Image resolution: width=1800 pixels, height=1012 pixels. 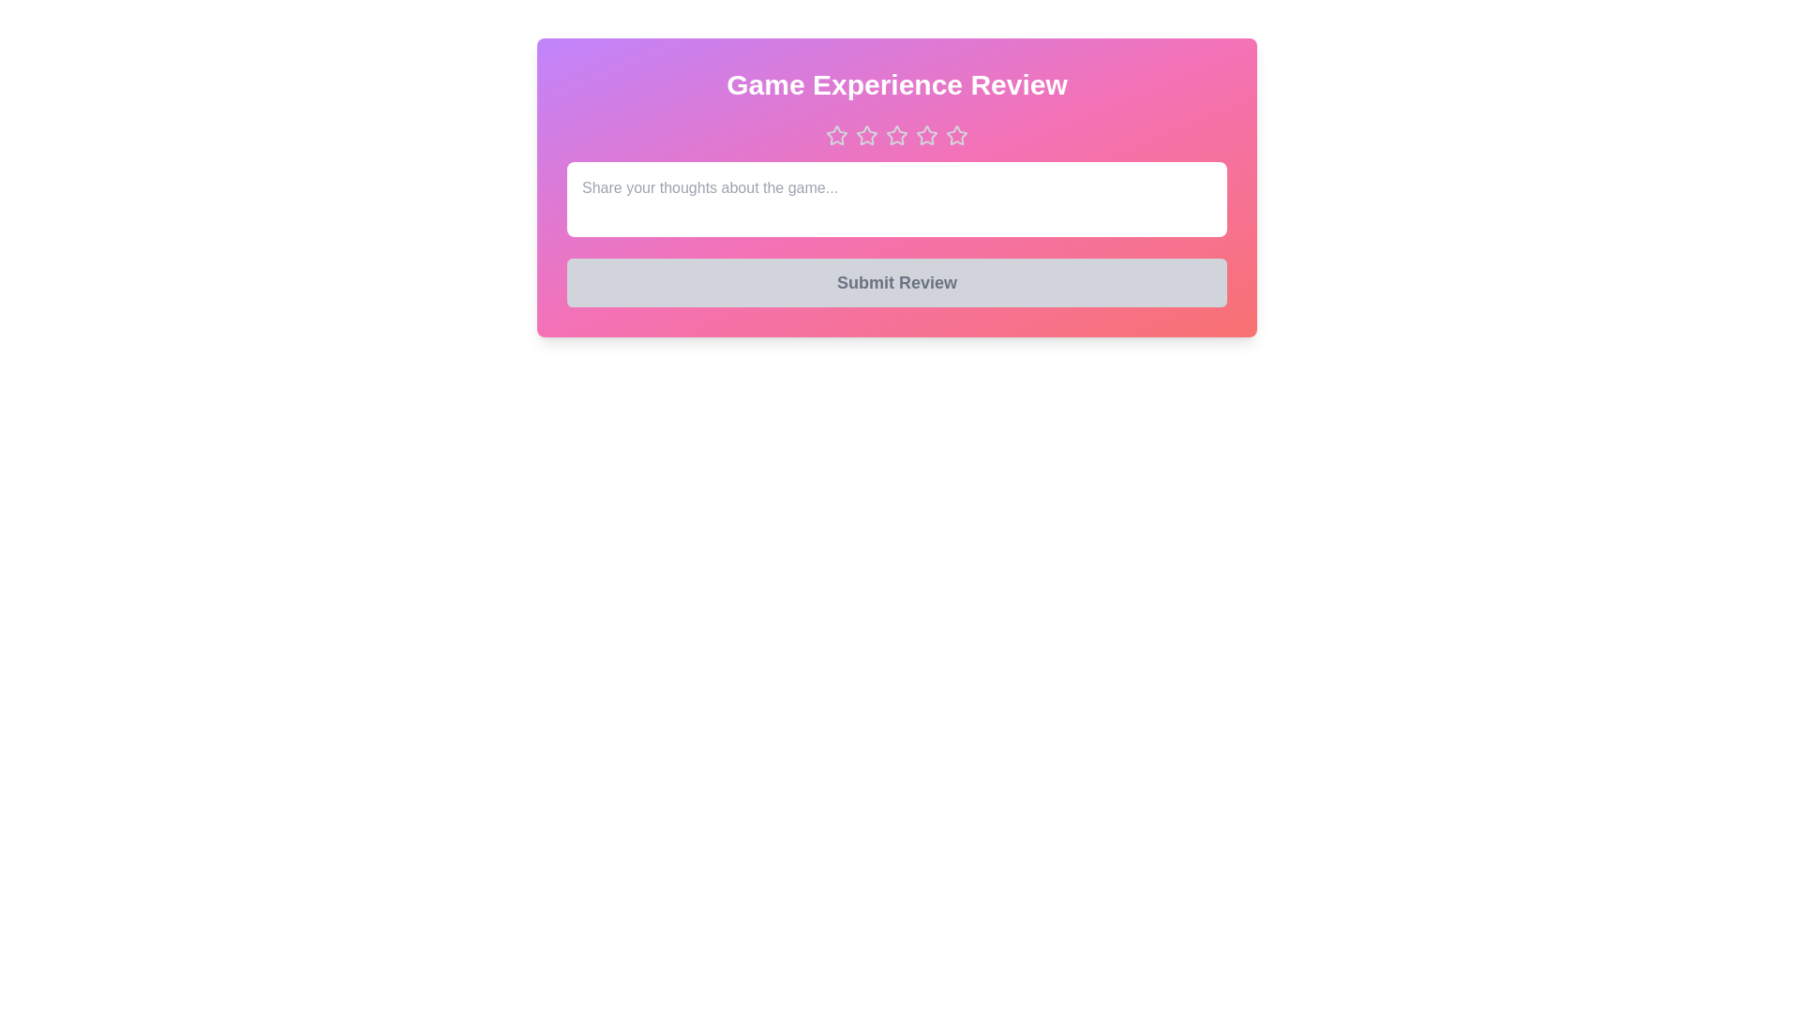 What do you see at coordinates (866, 135) in the screenshot?
I see `the star corresponding to the desired rating 2` at bounding box center [866, 135].